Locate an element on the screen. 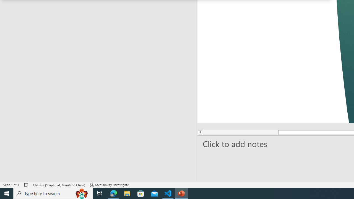 The height and width of the screenshot is (199, 354). 'Microsoft Edge - 1 running window' is located at coordinates (113, 193).